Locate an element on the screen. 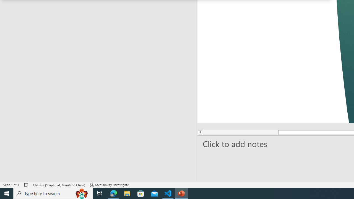 The height and width of the screenshot is (199, 354). 'Microsoft Edge - 1 running window' is located at coordinates (113, 193).